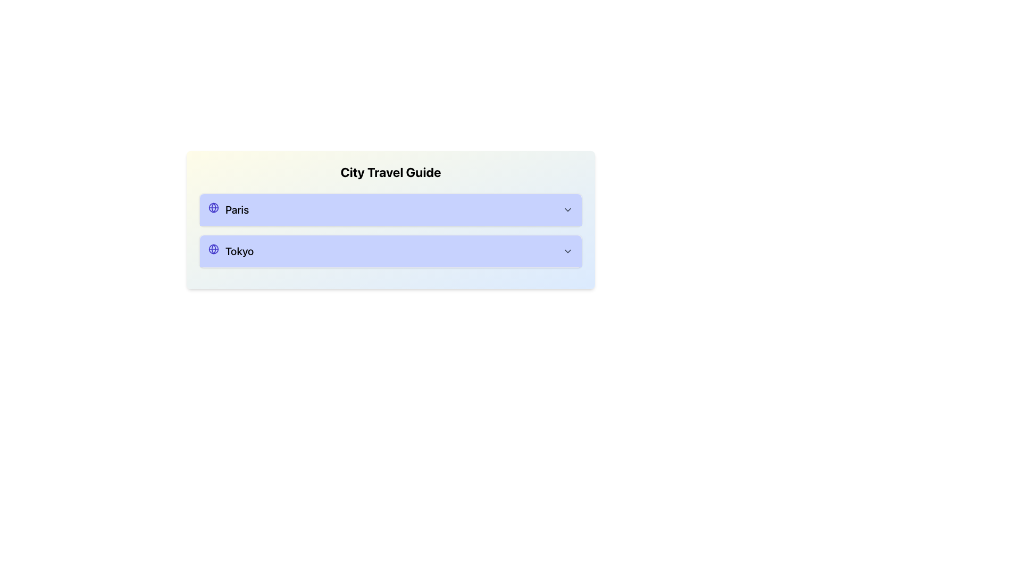 The image size is (1021, 574). I want to click on the text label reading 'Tokyo', so click(230, 251).